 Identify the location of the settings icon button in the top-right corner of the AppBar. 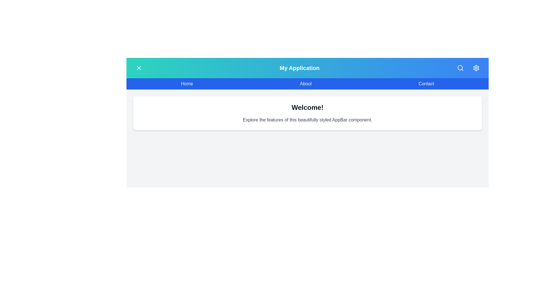
(476, 67).